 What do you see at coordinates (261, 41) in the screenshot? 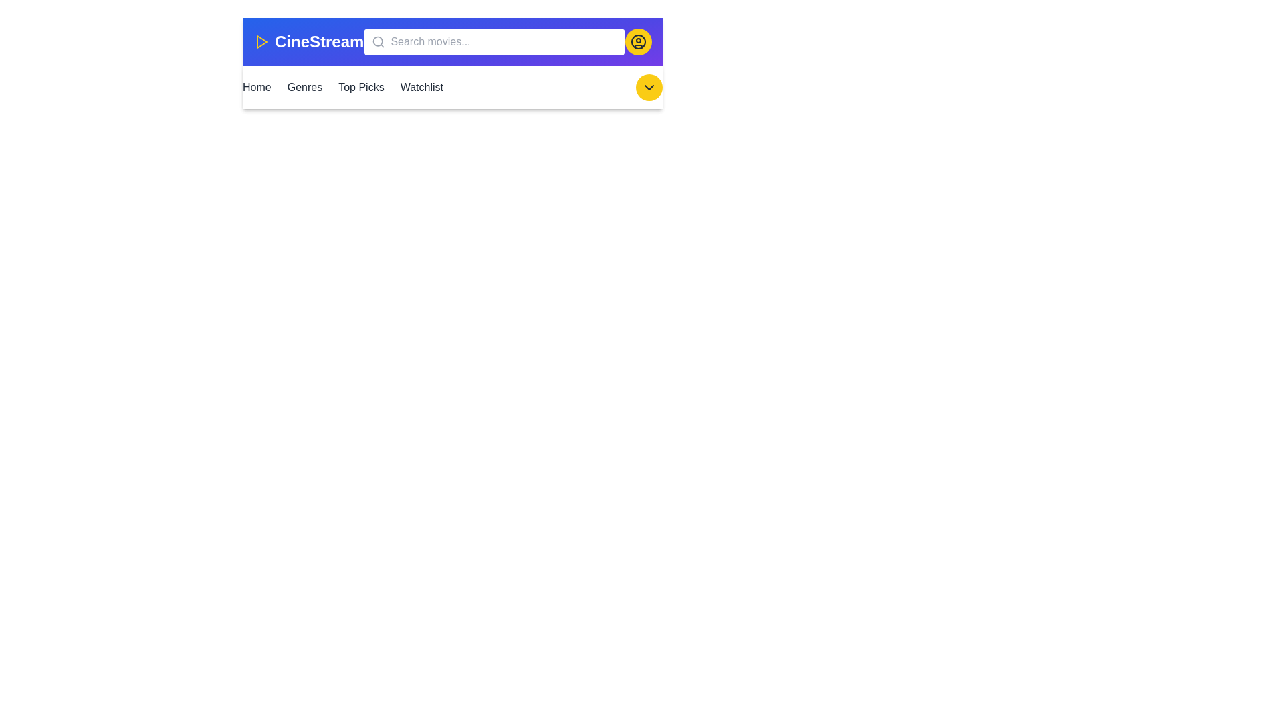
I see `the play icon to indicate the application is related to movies` at bounding box center [261, 41].